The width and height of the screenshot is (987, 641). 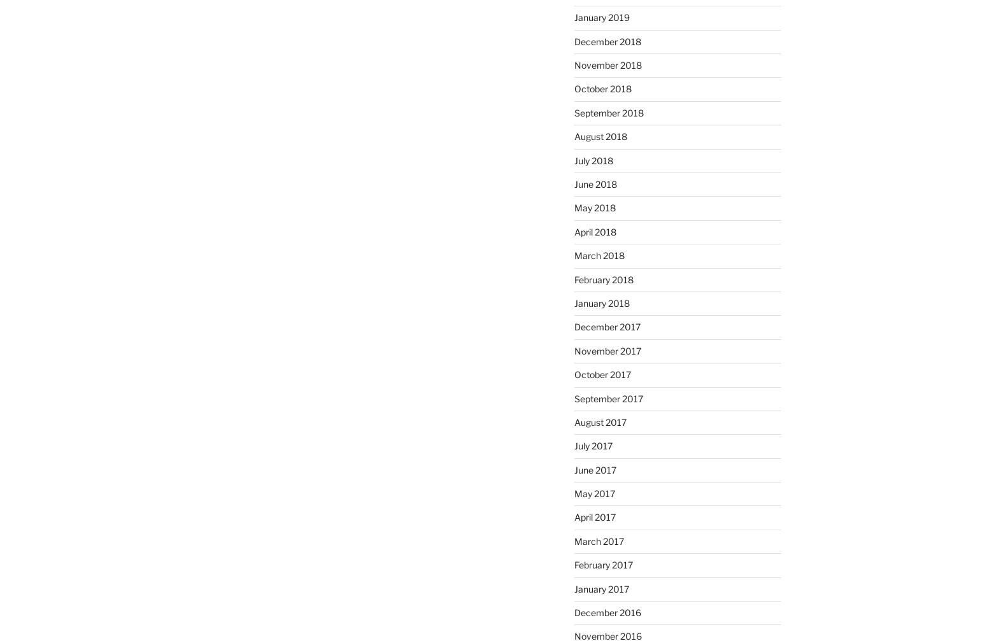 What do you see at coordinates (600, 302) in the screenshot?
I see `'January 2018'` at bounding box center [600, 302].